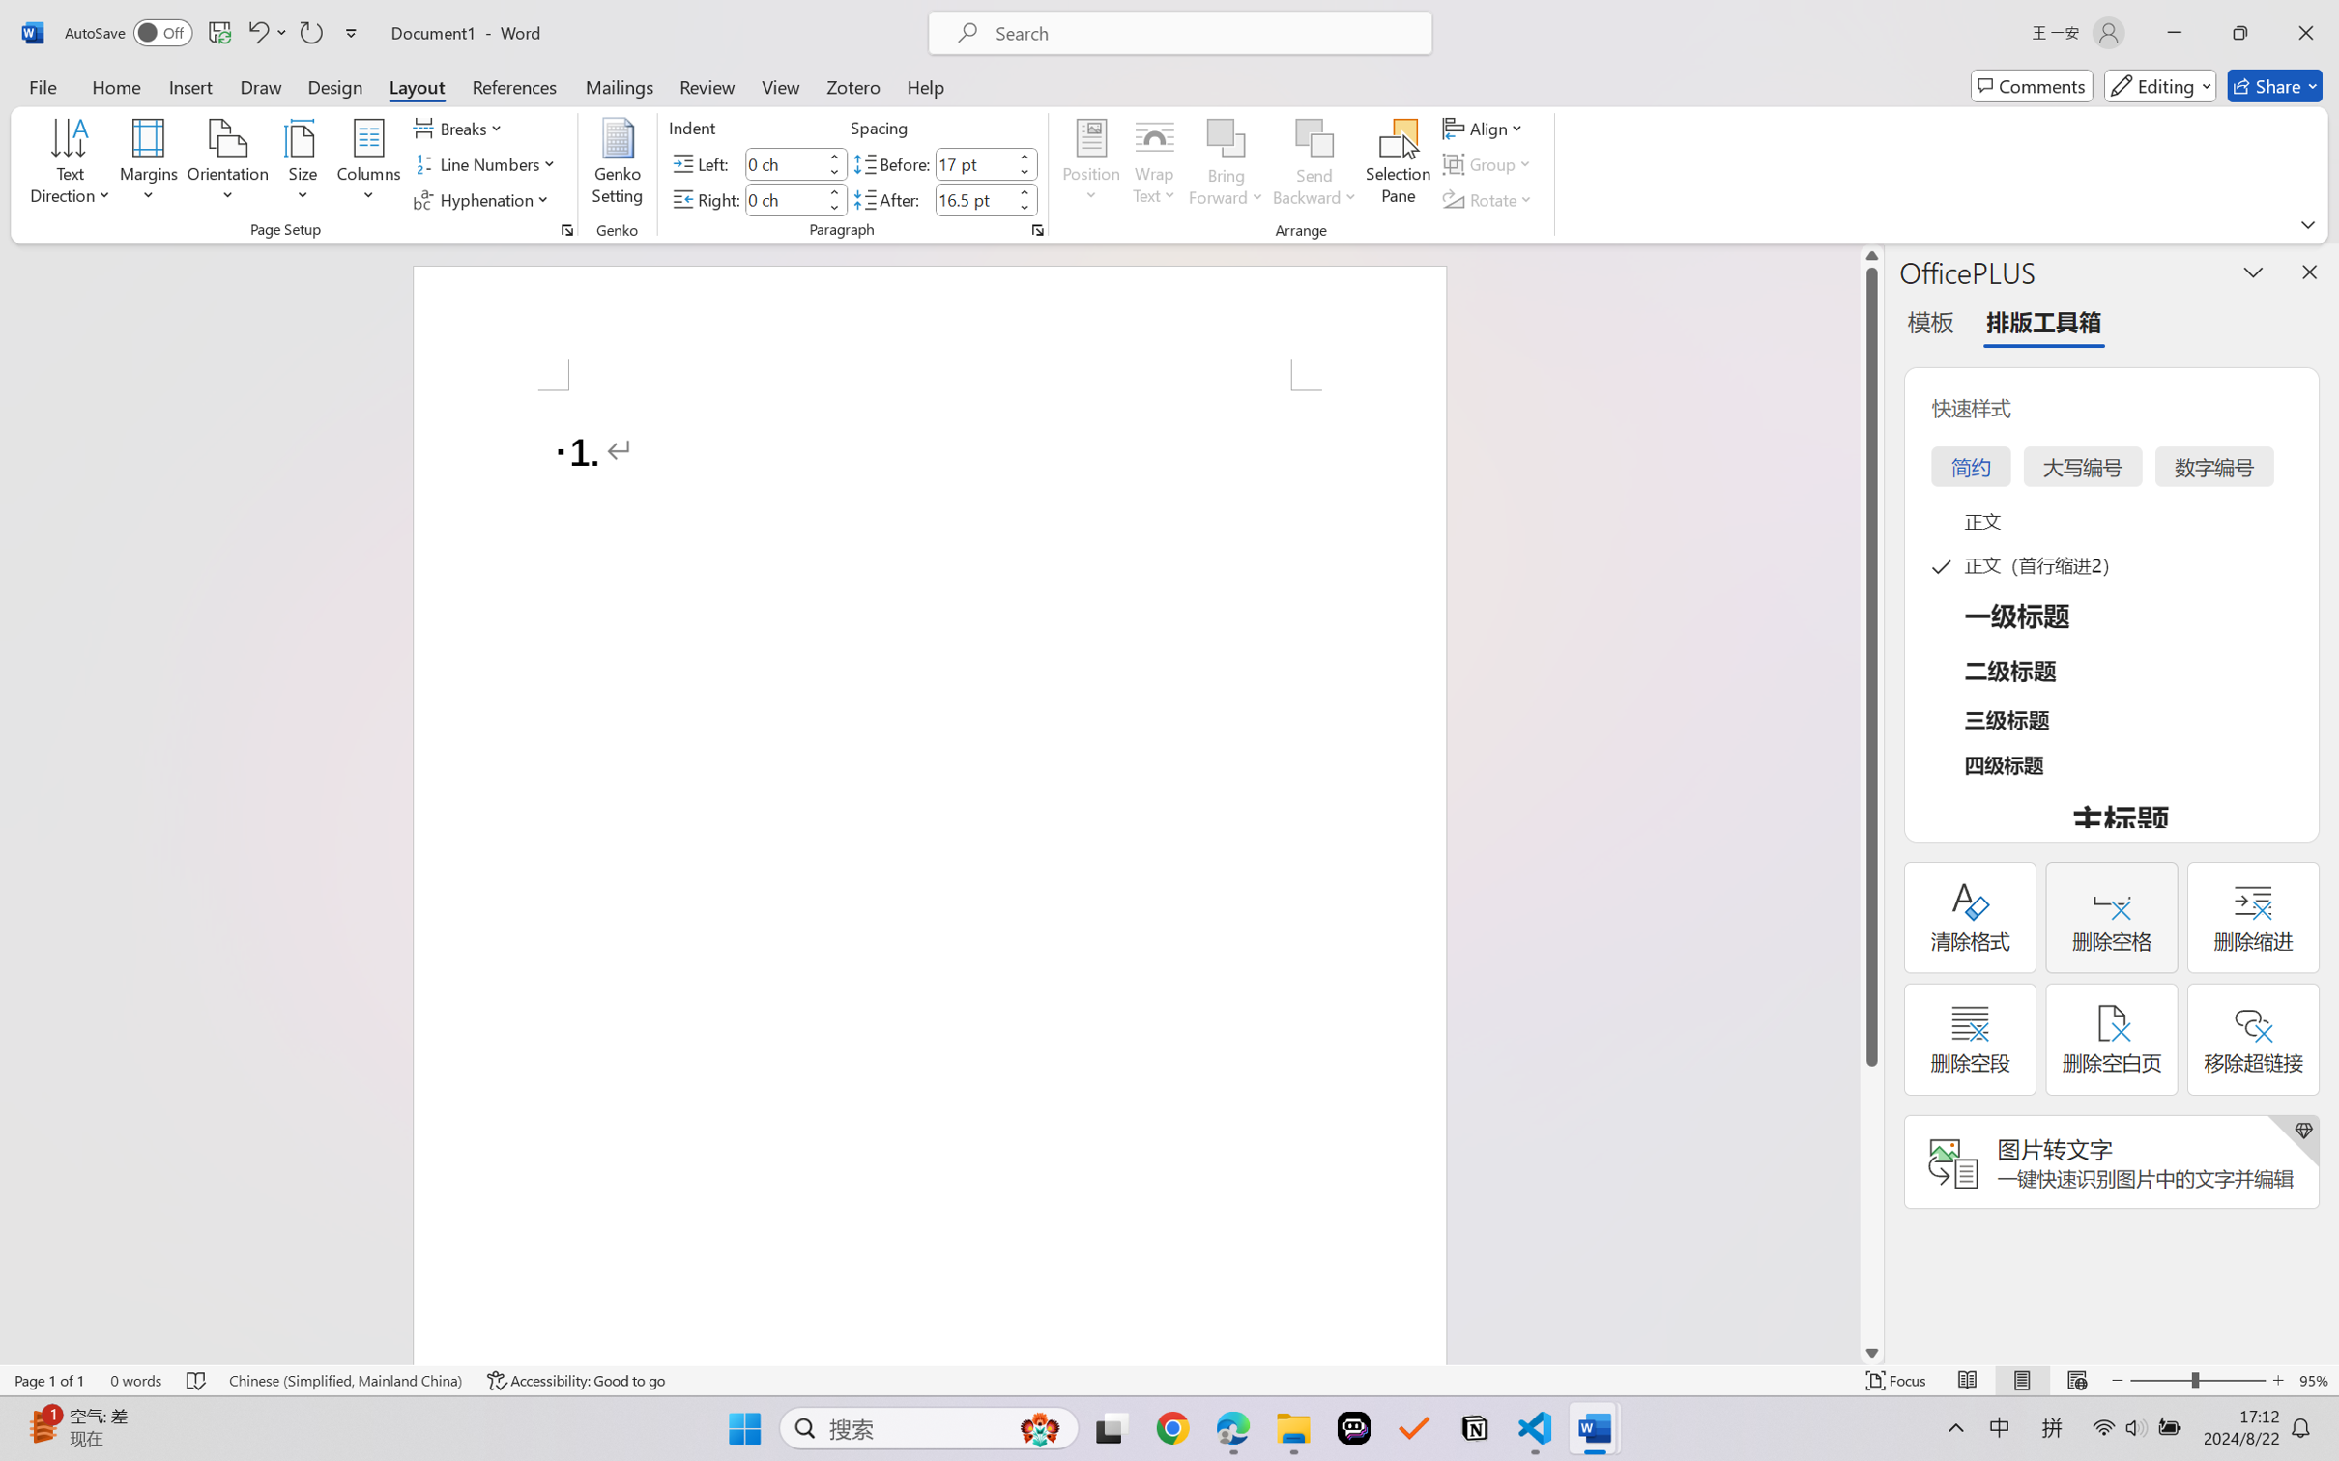 Image resolution: width=2339 pixels, height=1461 pixels. What do you see at coordinates (1090, 164) in the screenshot?
I see `'Position'` at bounding box center [1090, 164].